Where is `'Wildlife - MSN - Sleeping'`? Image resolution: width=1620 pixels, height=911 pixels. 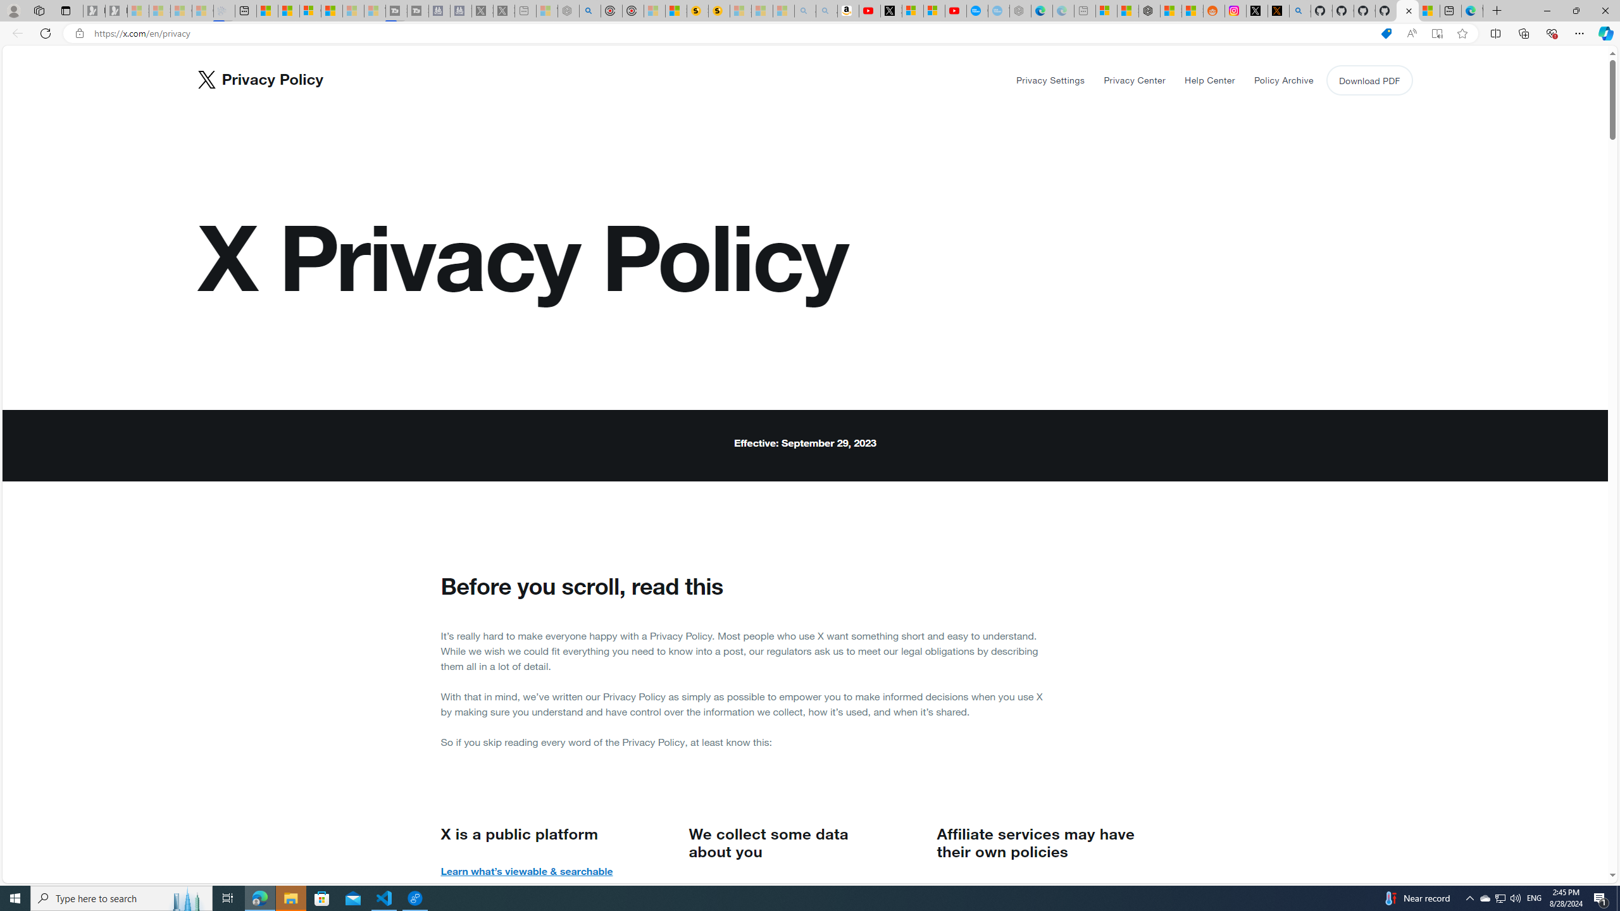 'Wildlife - MSN - Sleeping' is located at coordinates (547, 10).